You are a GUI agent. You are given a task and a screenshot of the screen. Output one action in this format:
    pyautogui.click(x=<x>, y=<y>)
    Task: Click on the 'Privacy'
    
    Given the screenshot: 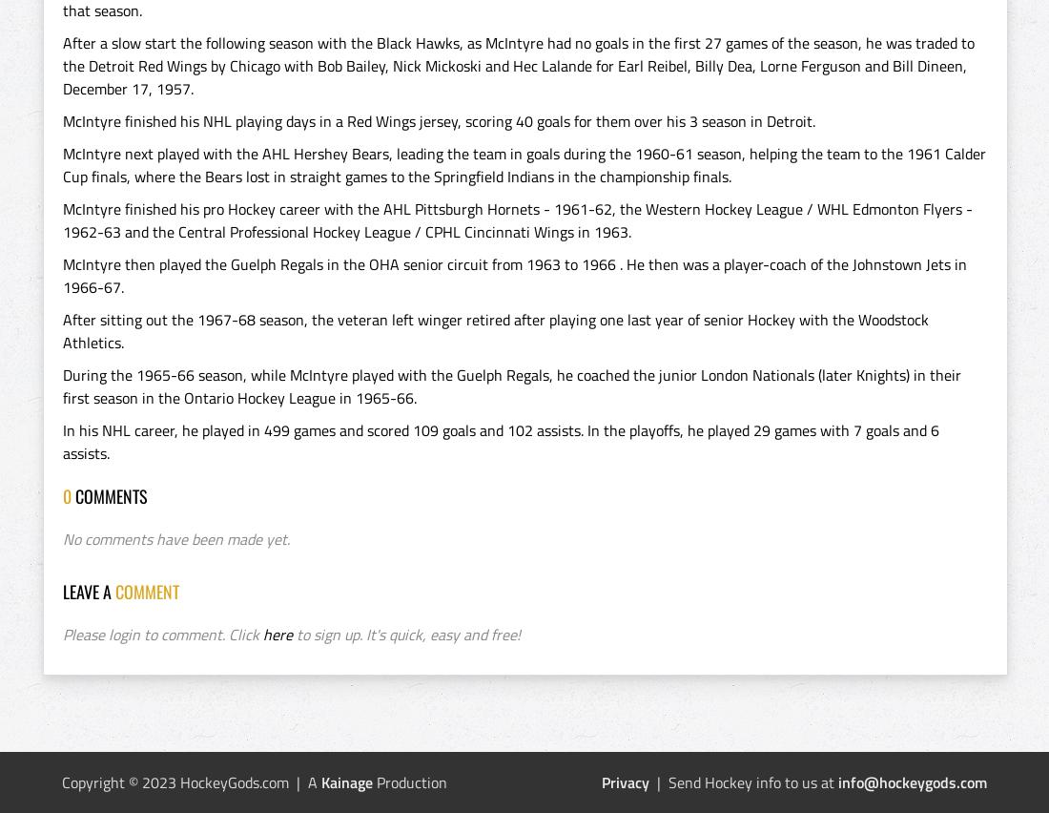 What is the action you would take?
    pyautogui.click(x=601, y=782)
    